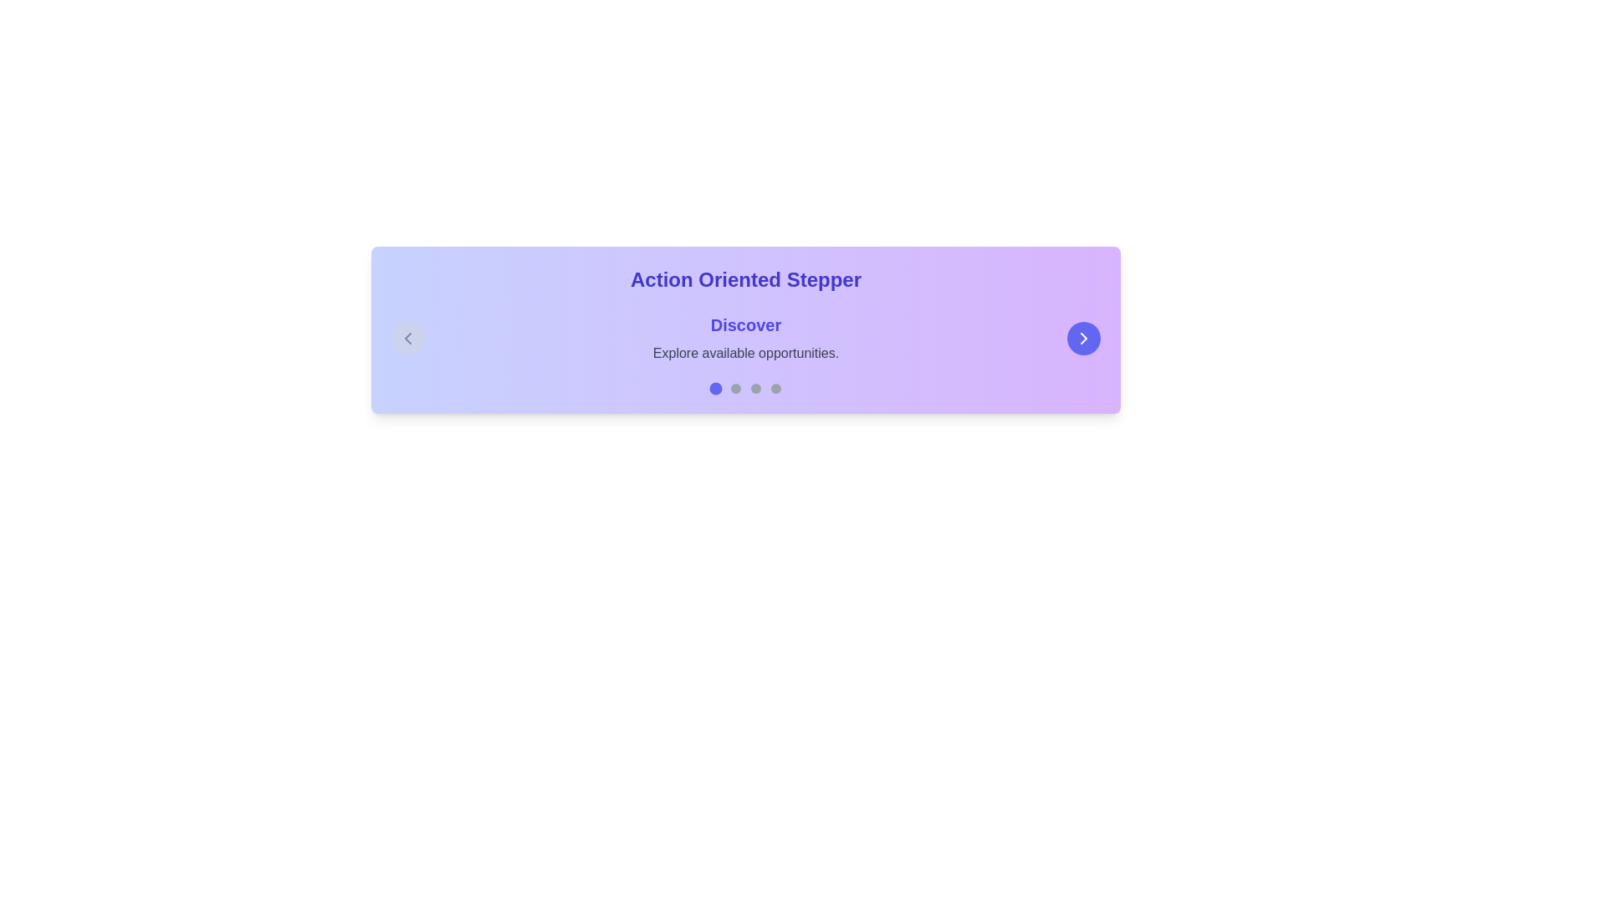 The height and width of the screenshot is (903, 1606). What do you see at coordinates (775, 389) in the screenshot?
I see `the fourth and rightmost dot of the Circle navigation indicator for the stepper component` at bounding box center [775, 389].